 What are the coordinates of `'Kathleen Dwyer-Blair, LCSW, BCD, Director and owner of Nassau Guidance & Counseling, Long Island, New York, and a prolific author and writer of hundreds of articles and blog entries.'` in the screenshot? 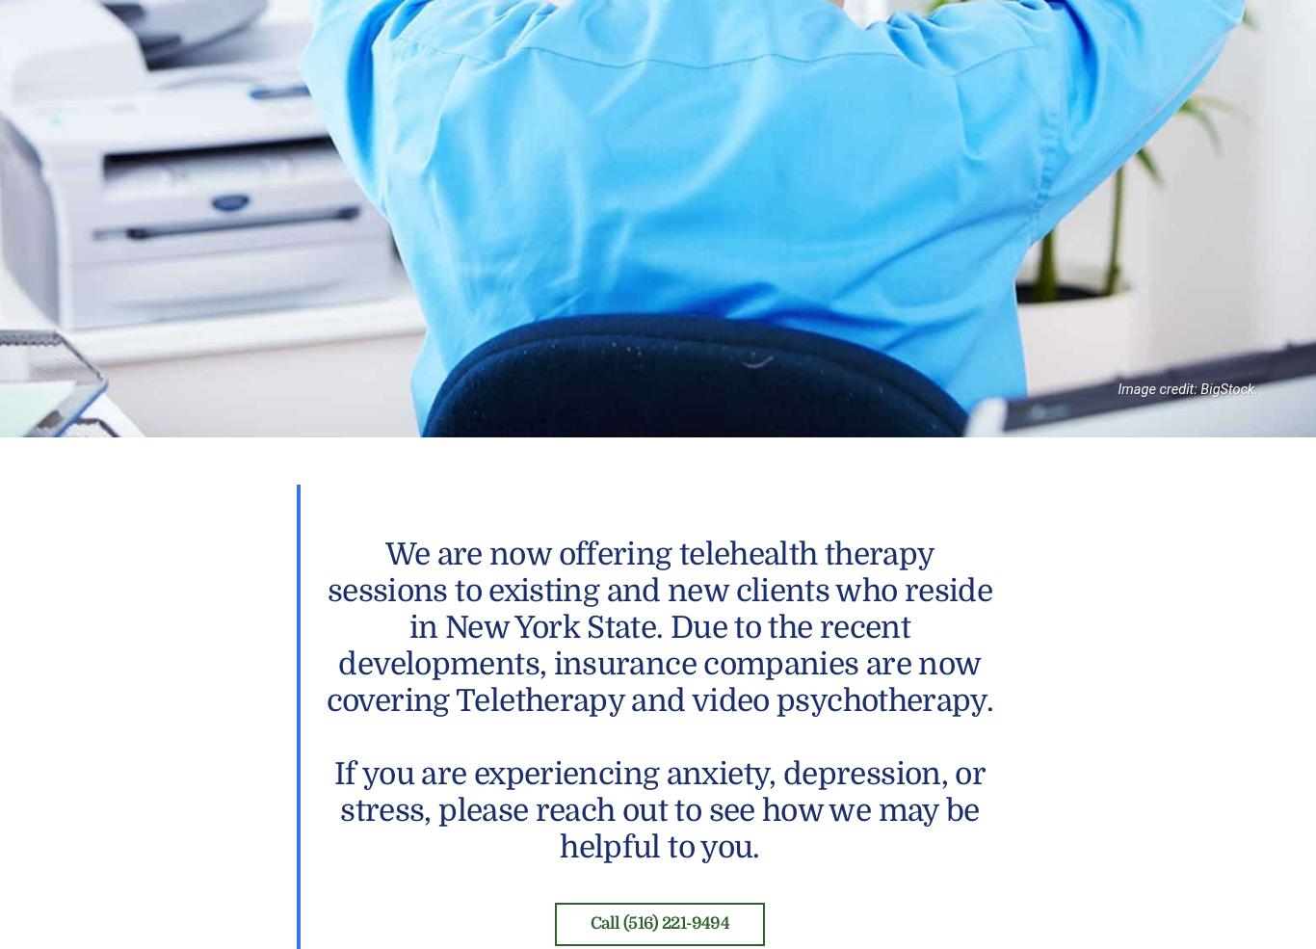 It's located at (615, 247).